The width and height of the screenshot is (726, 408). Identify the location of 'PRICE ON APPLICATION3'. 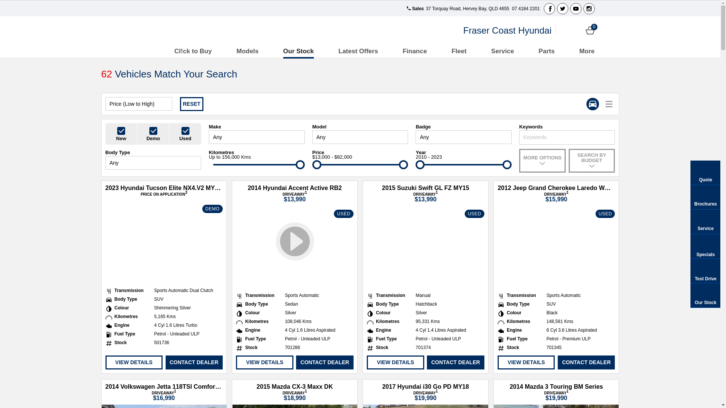
(163, 194).